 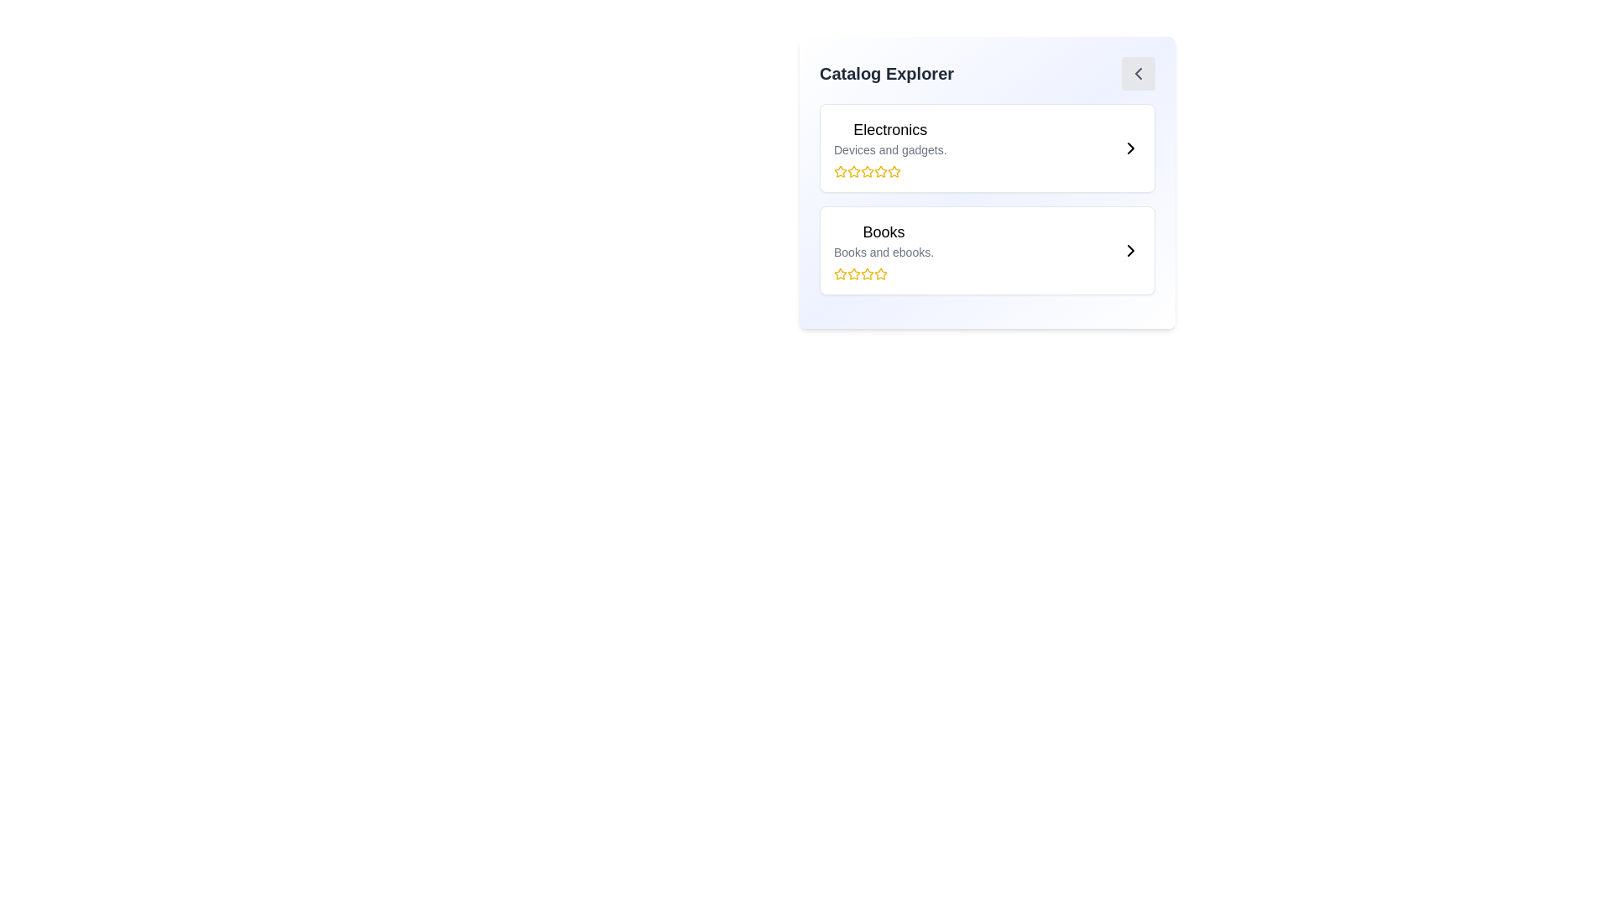 I want to click on the Text element that serves as a section header or category title in the second list item of the catalog explorer interface, positioned above the descriptive text 'Books and ebooks.', so click(x=883, y=232).